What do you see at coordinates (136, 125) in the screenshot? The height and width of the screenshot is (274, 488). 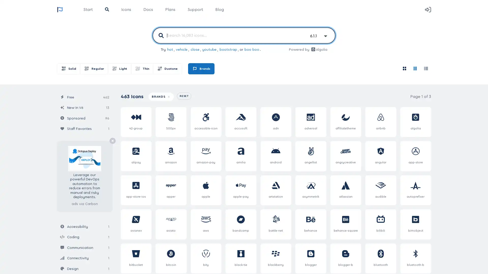 I see `42-group` at bounding box center [136, 125].